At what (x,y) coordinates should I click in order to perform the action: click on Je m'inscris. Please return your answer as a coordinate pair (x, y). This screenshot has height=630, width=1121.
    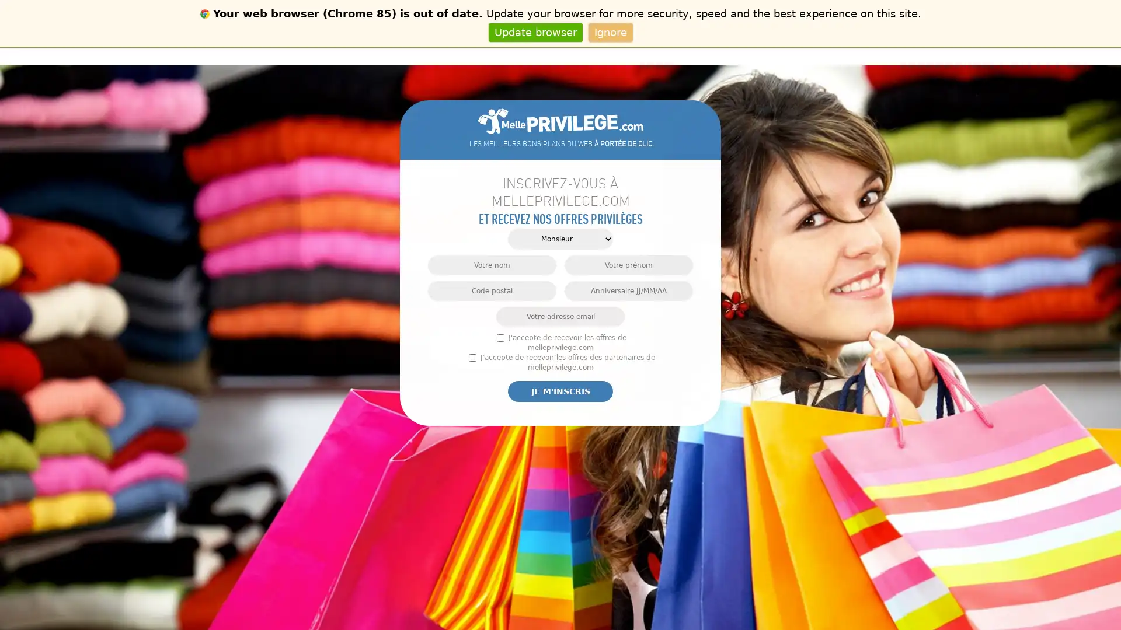
    Looking at the image, I should click on (560, 391).